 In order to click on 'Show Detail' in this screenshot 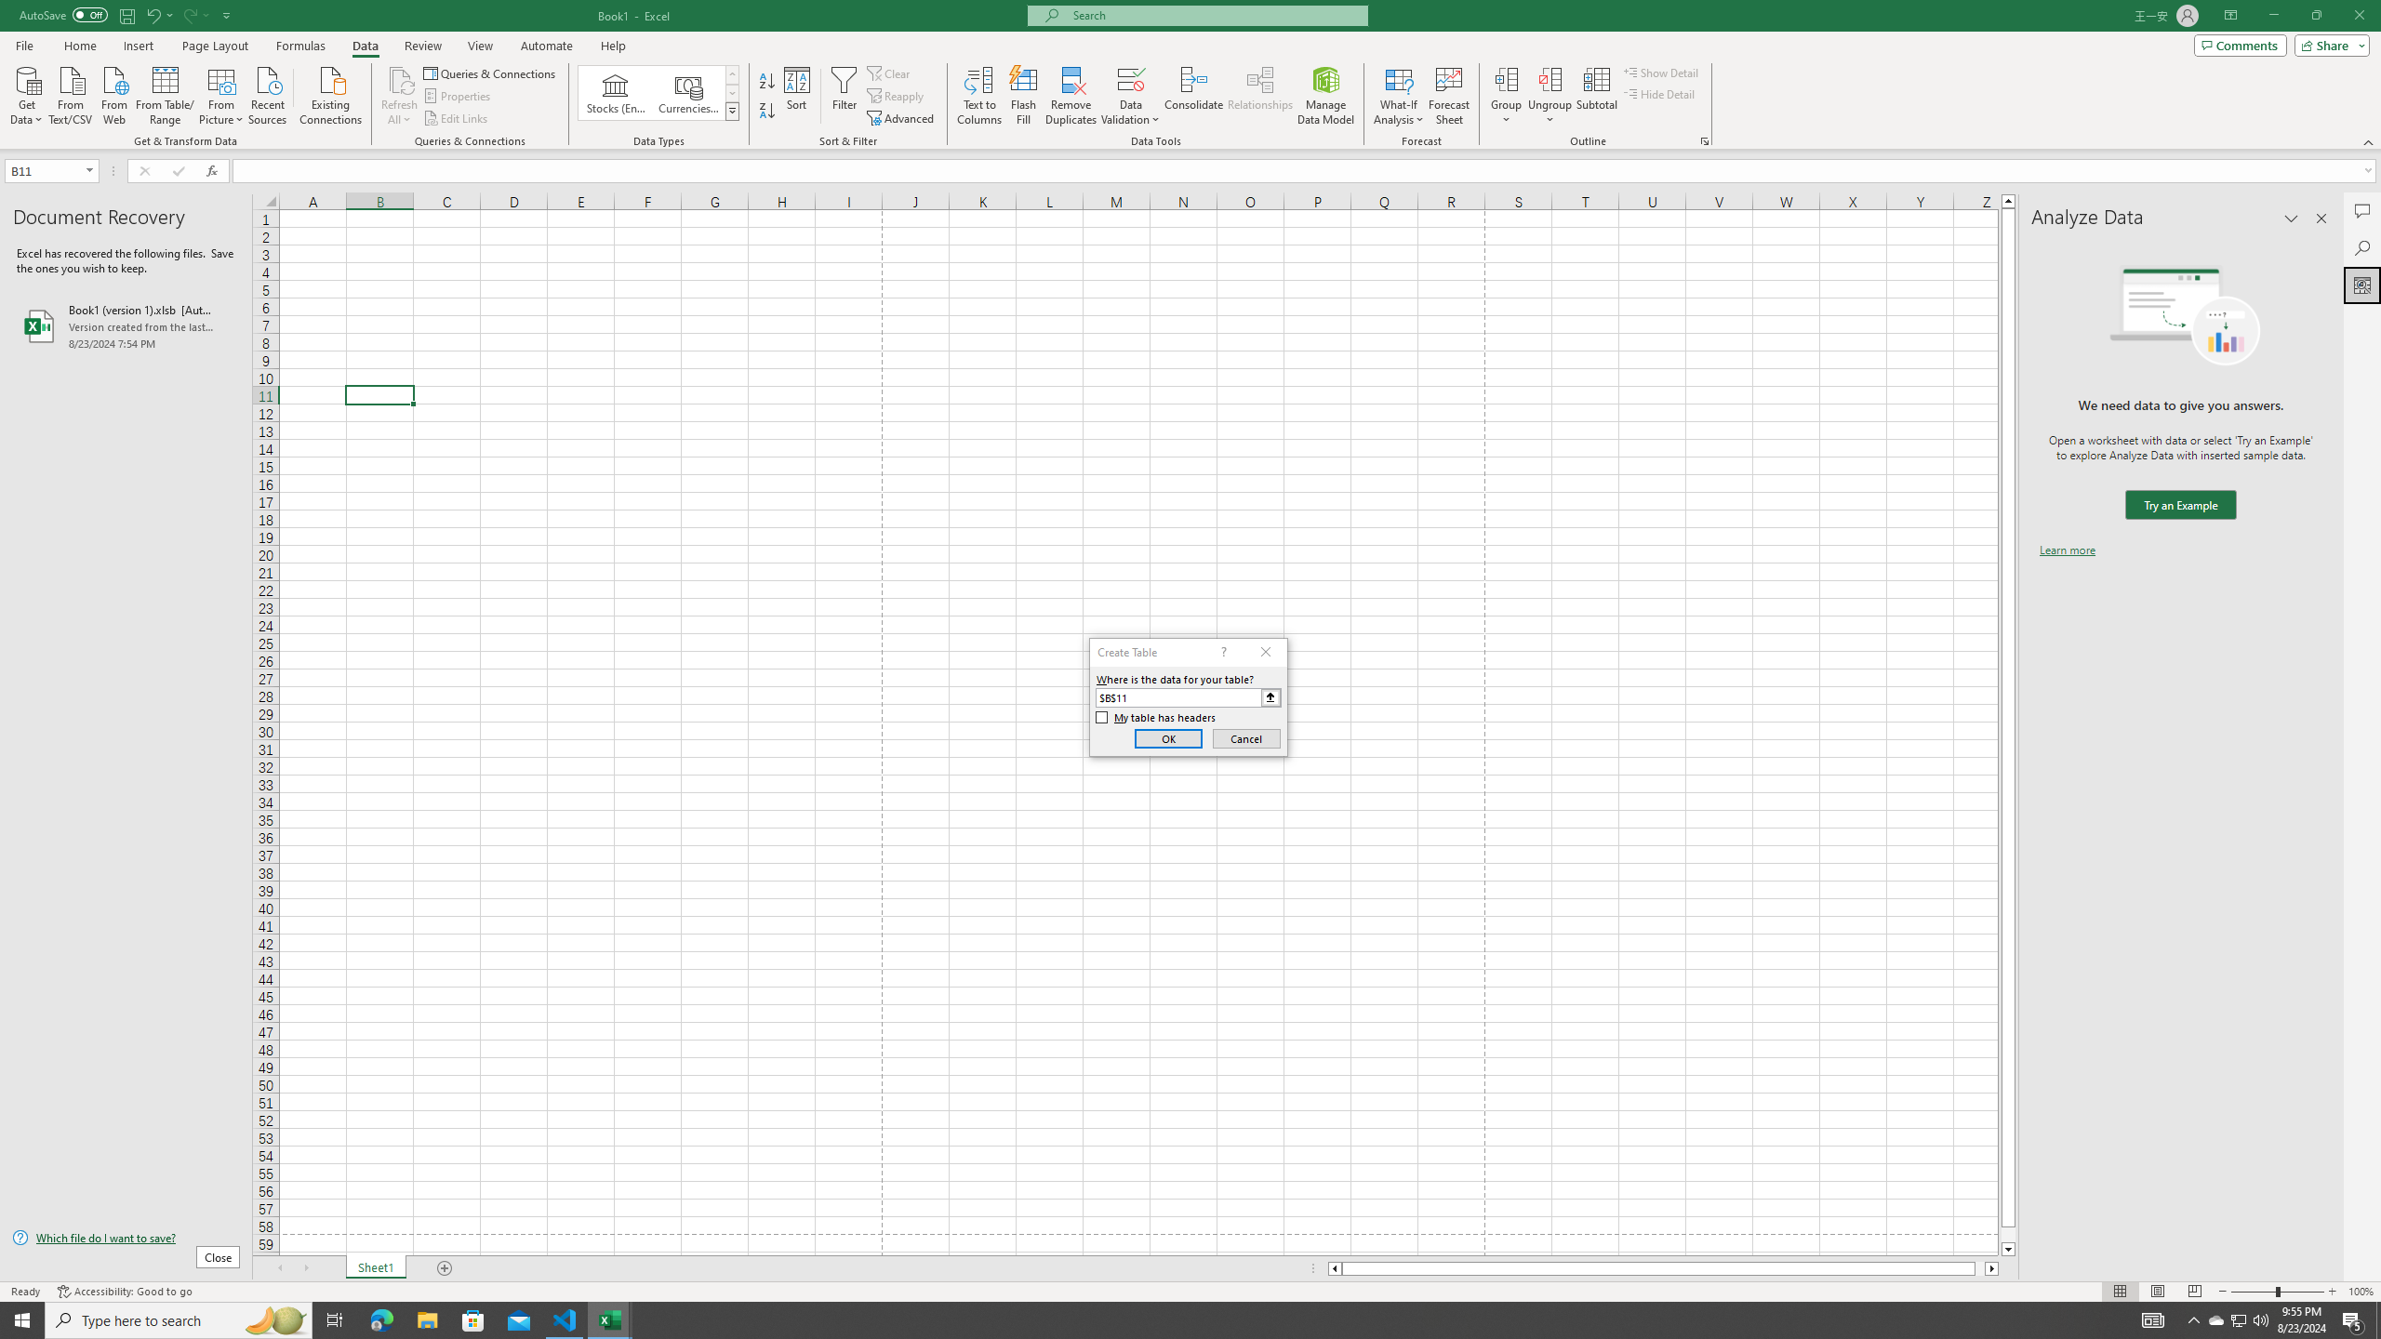, I will do `click(1660, 72)`.